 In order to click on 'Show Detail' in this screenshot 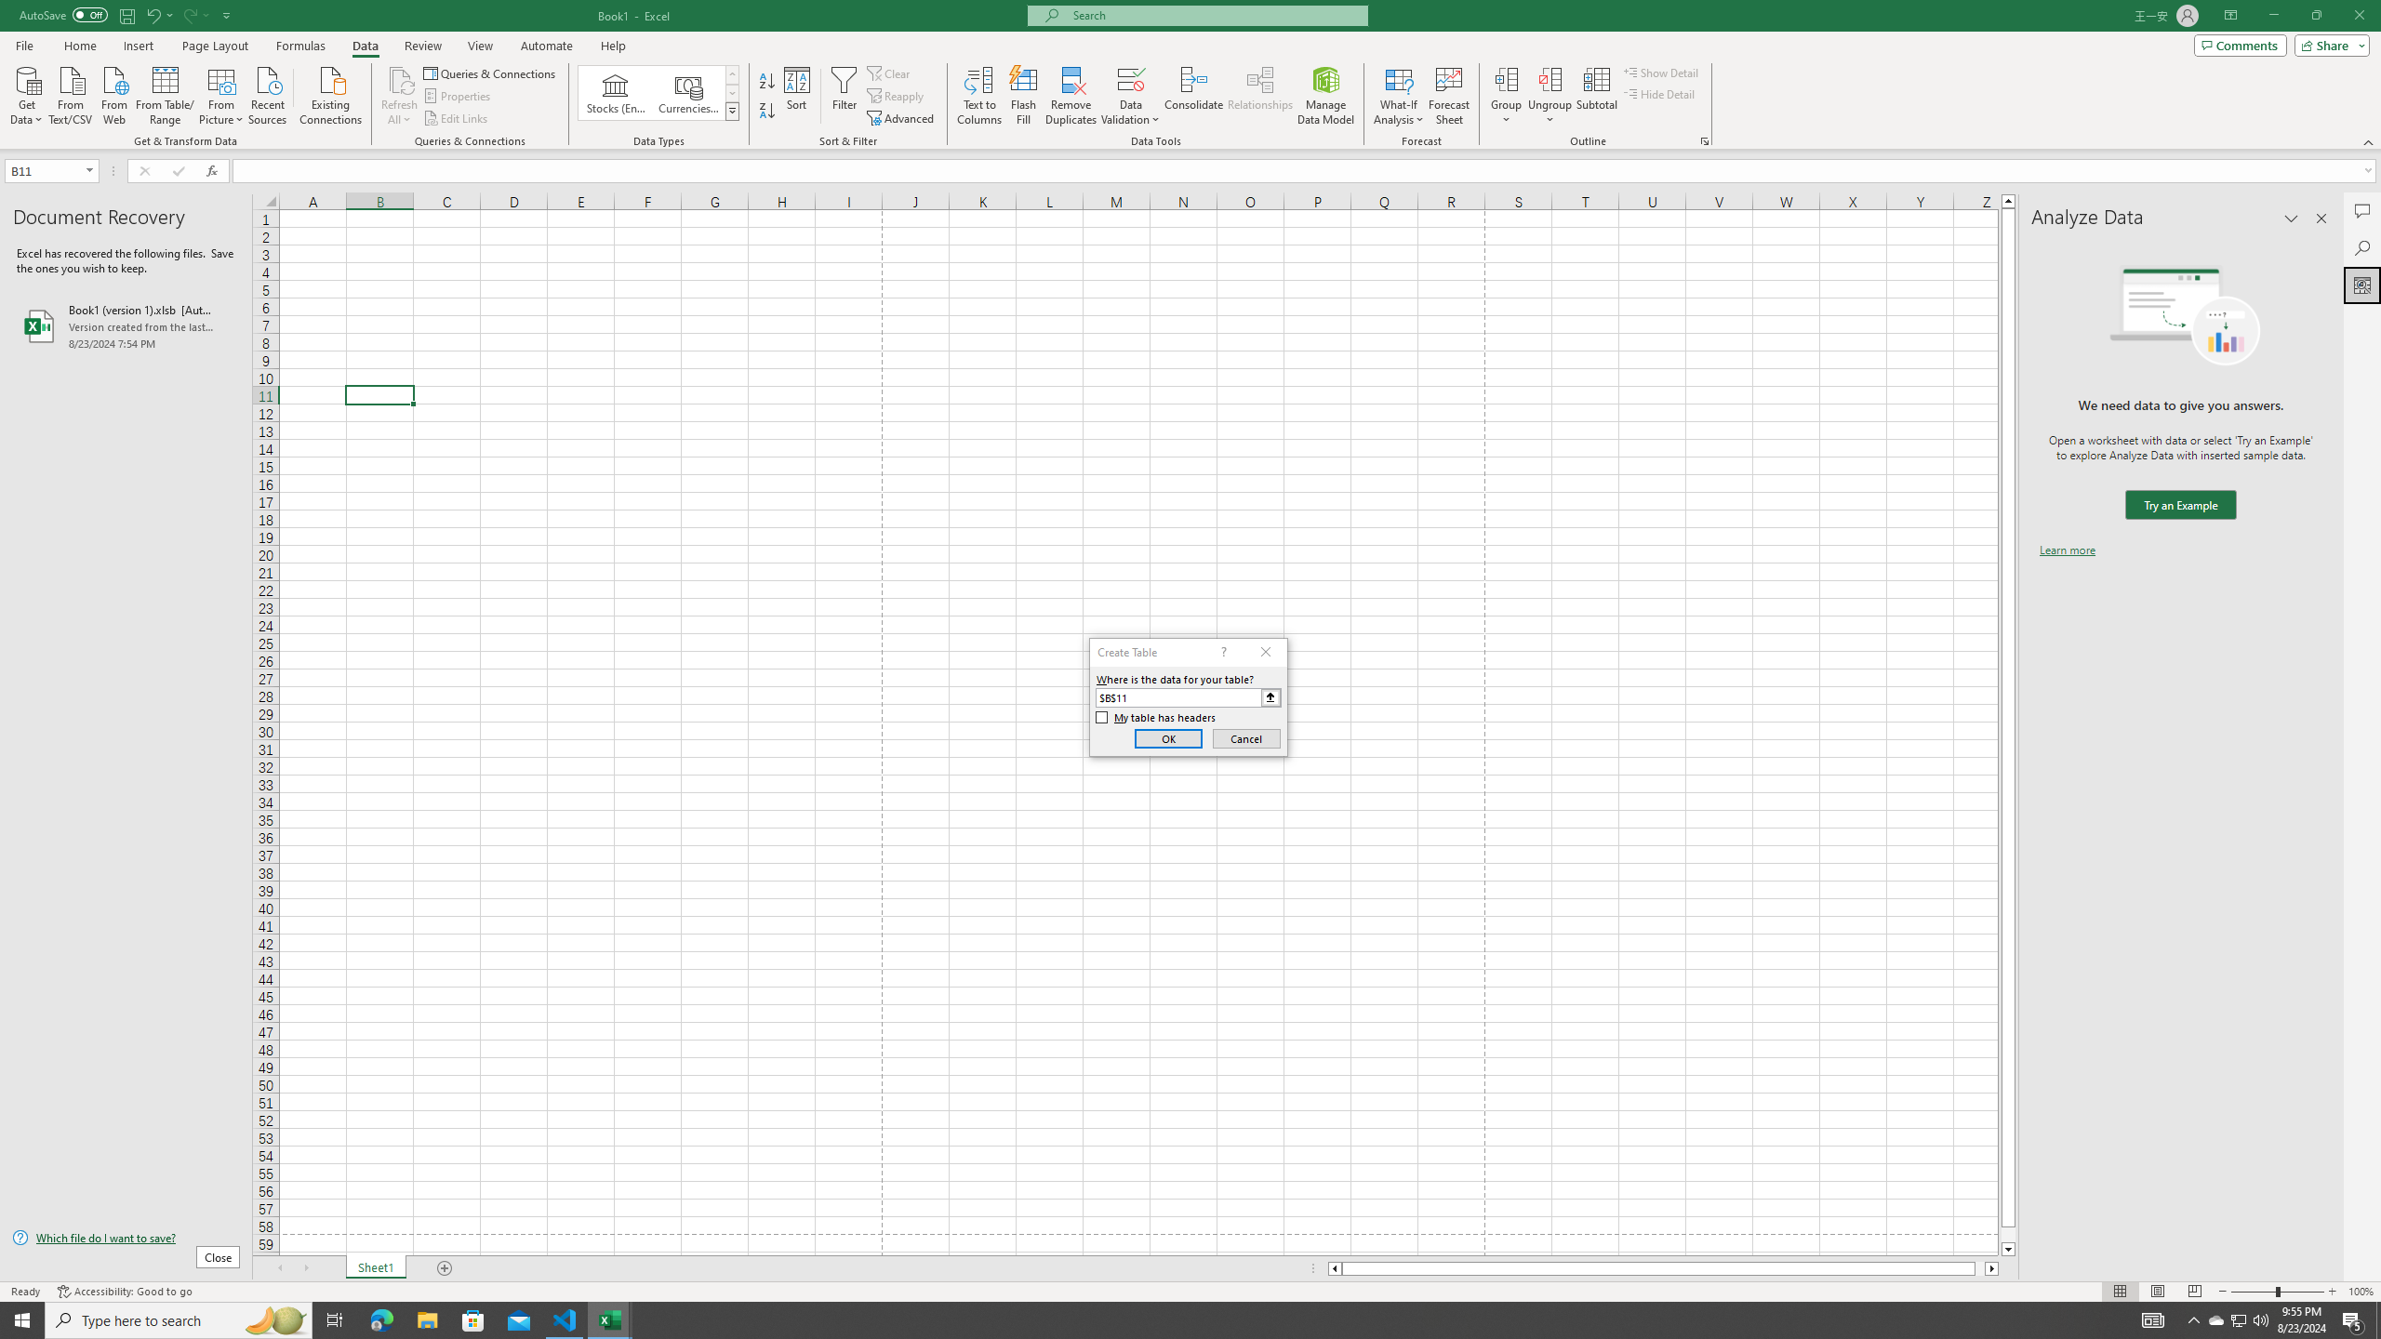, I will do `click(1660, 72)`.